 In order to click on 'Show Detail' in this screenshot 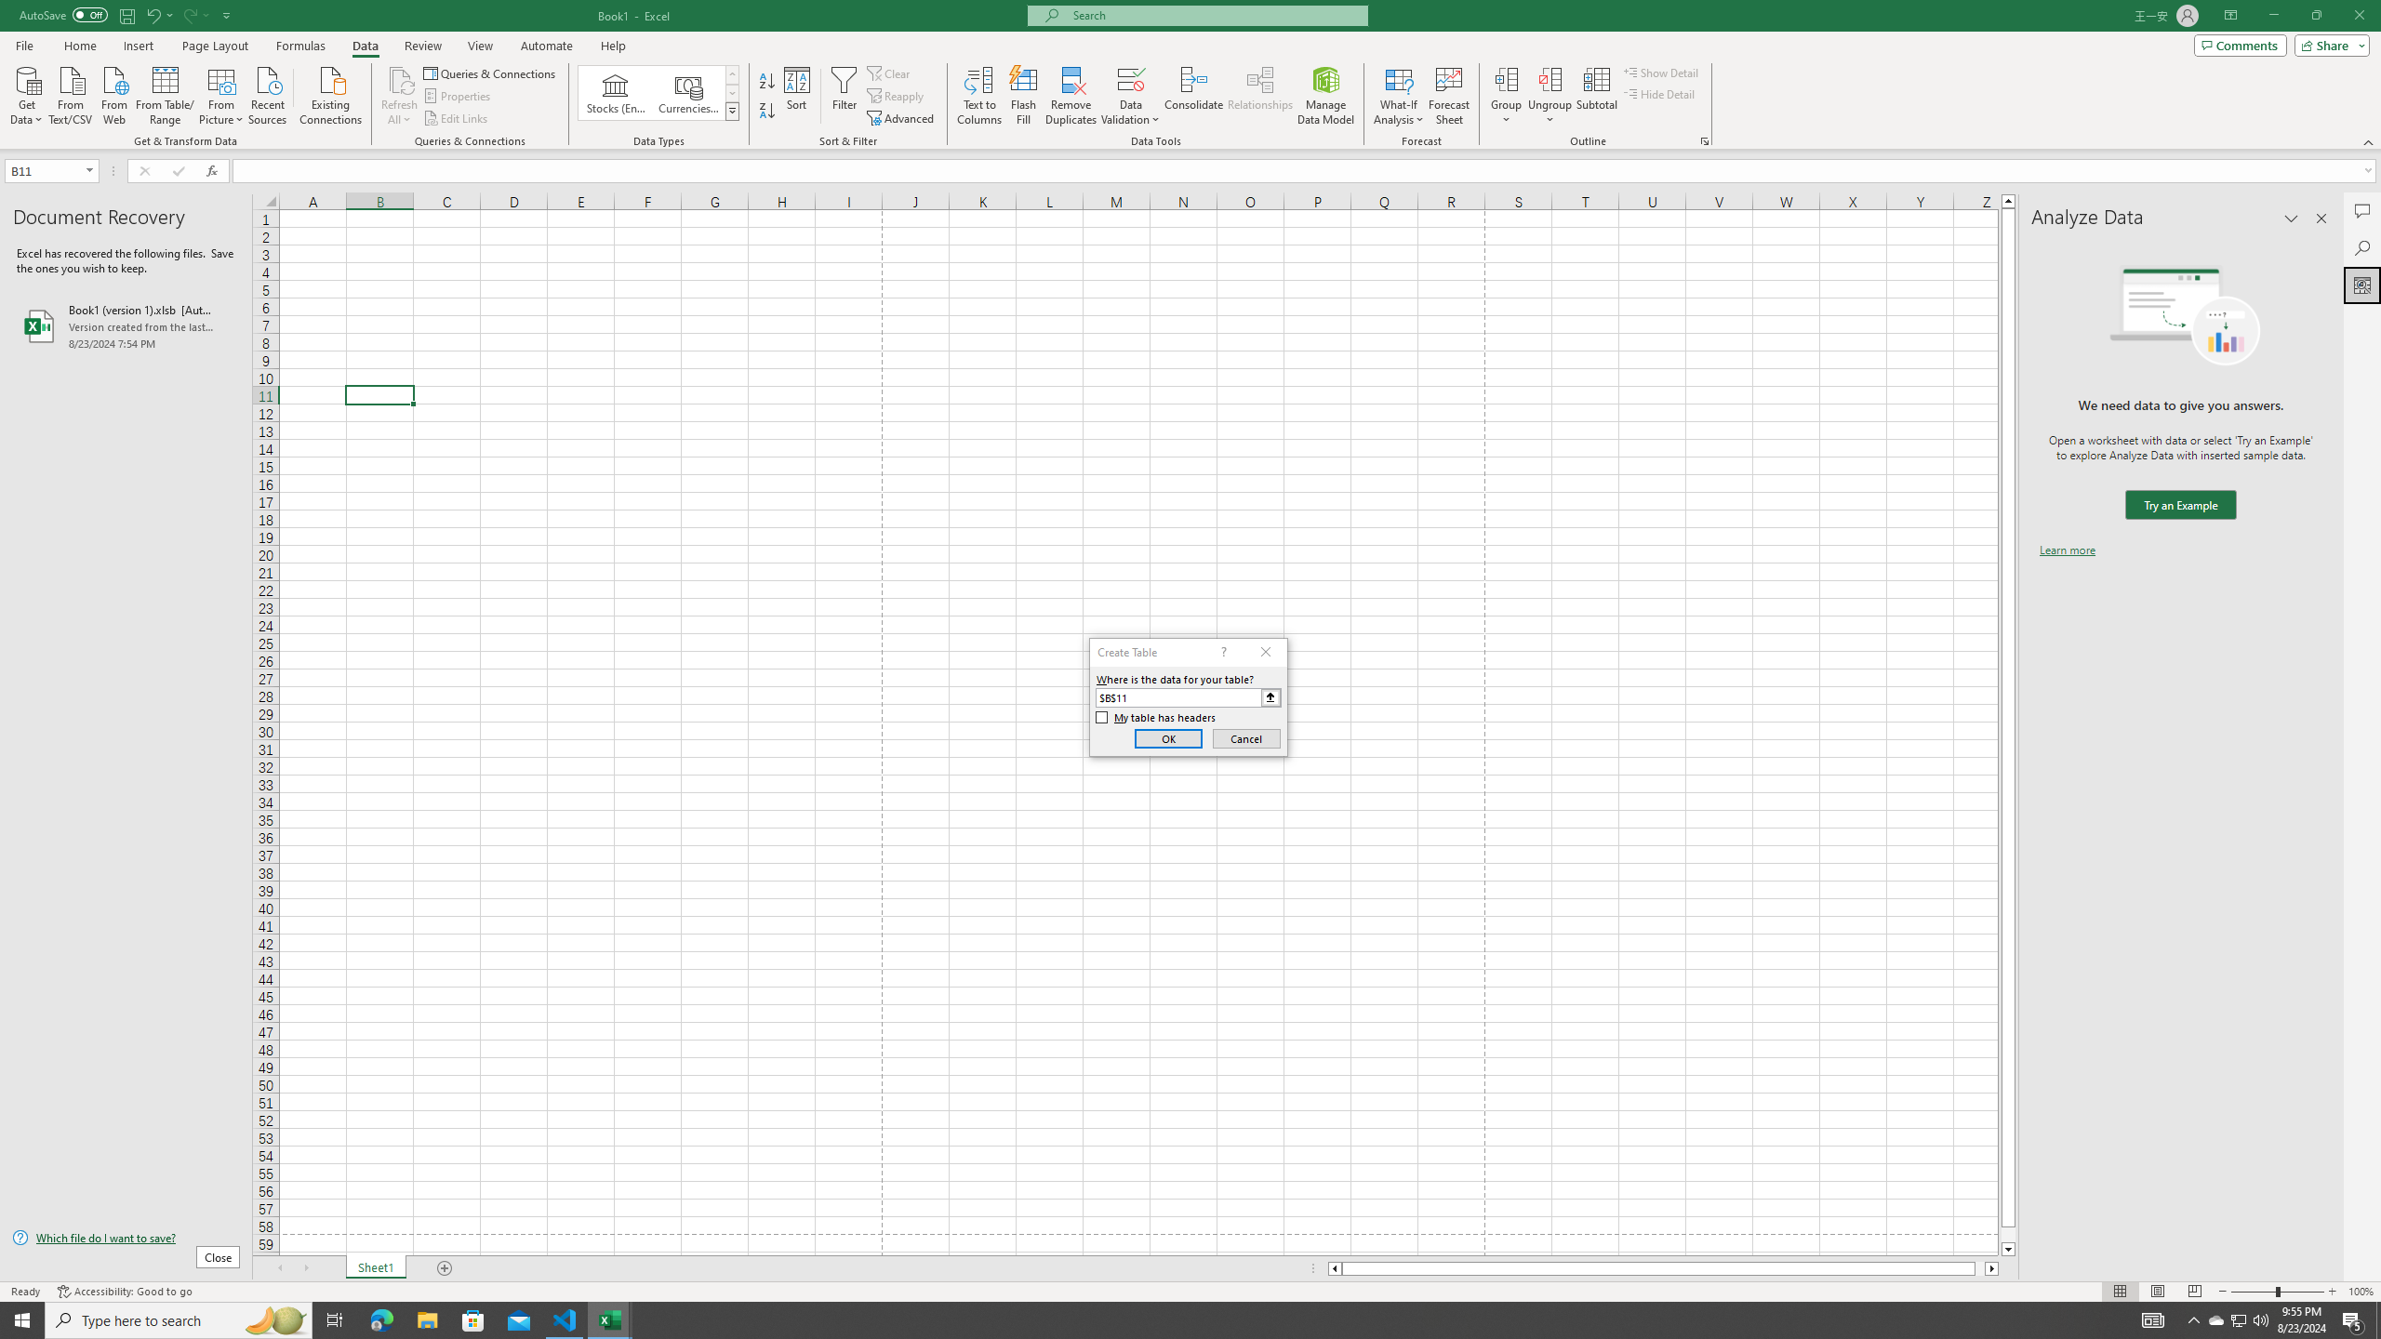, I will do `click(1660, 72)`.